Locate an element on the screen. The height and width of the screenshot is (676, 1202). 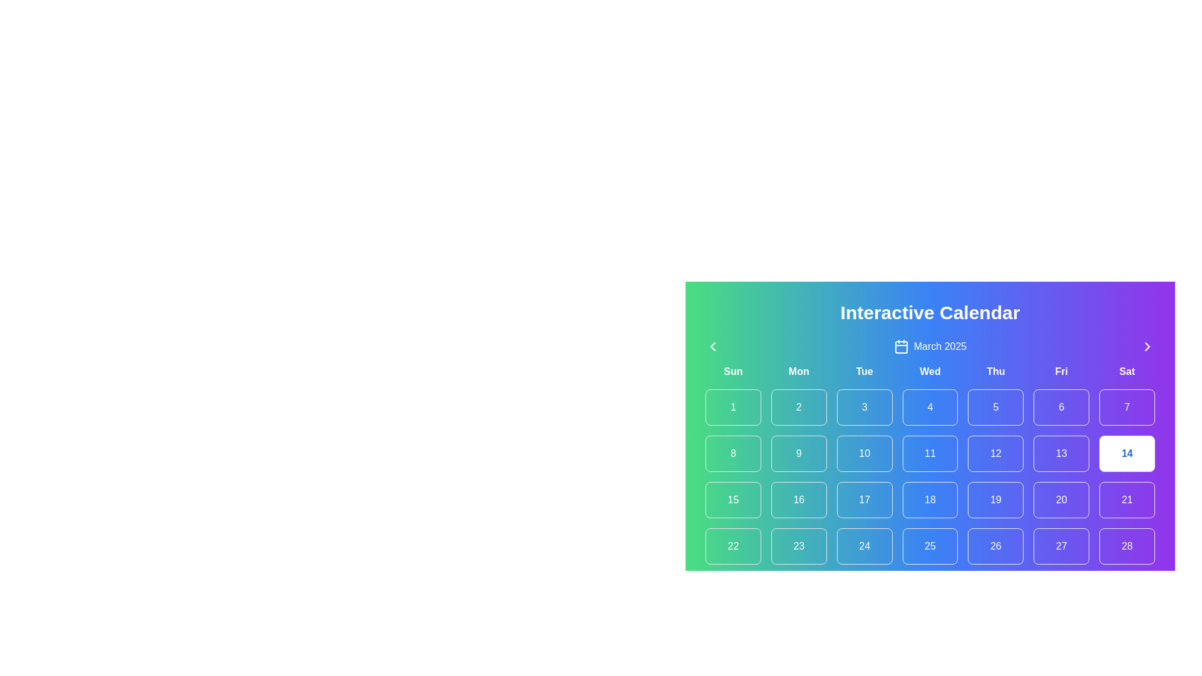
the Text Header at the top of the 'Interactive Calendar' interface, which displays the name of the application or feature is located at coordinates (930, 312).